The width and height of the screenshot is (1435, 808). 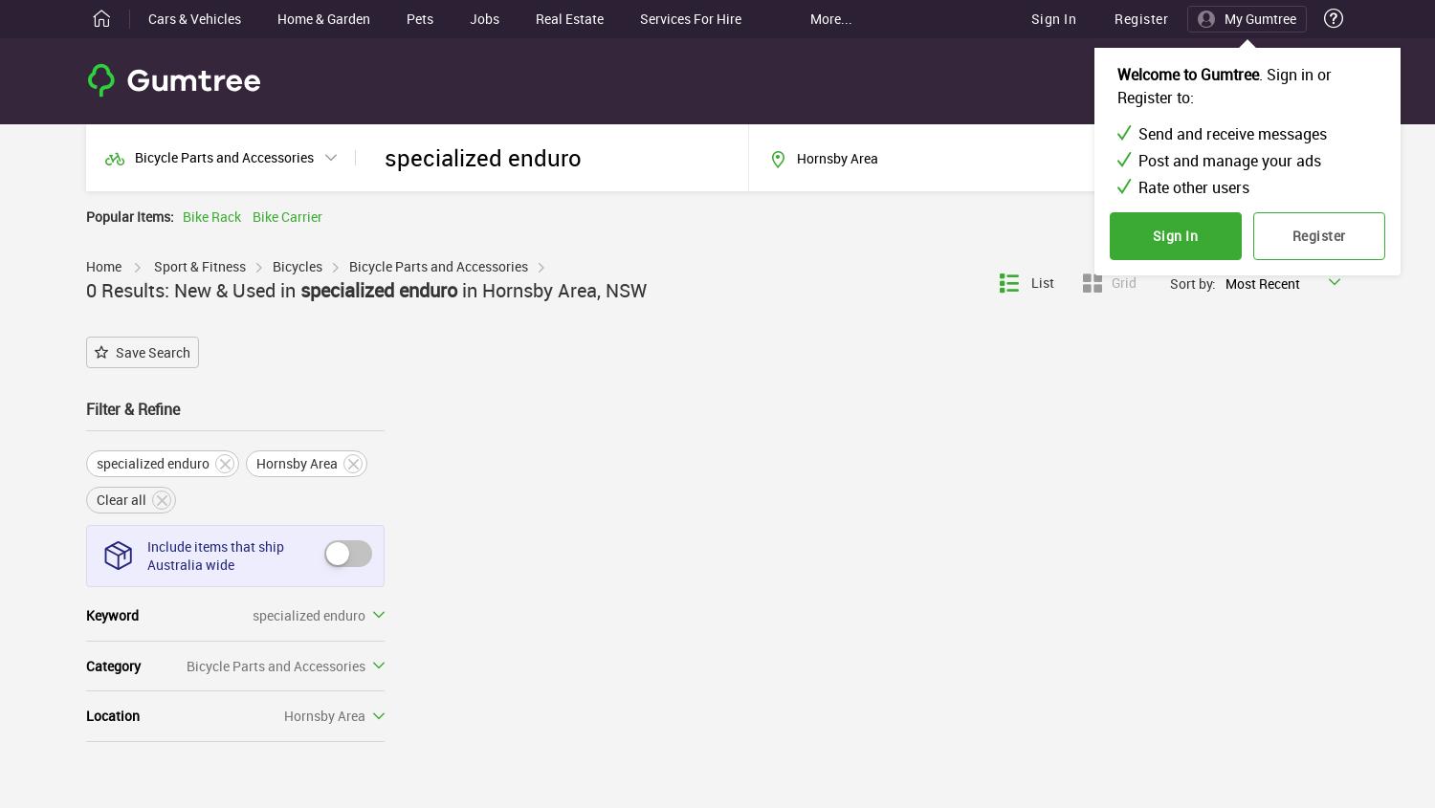 I want to click on 'Jobs', so click(x=484, y=17).